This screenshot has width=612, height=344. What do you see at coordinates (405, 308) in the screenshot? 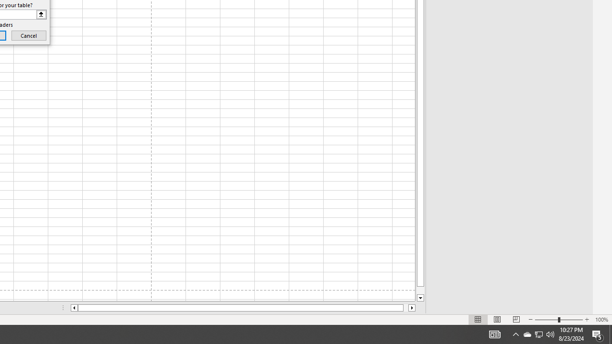
I see `'Page right'` at bounding box center [405, 308].